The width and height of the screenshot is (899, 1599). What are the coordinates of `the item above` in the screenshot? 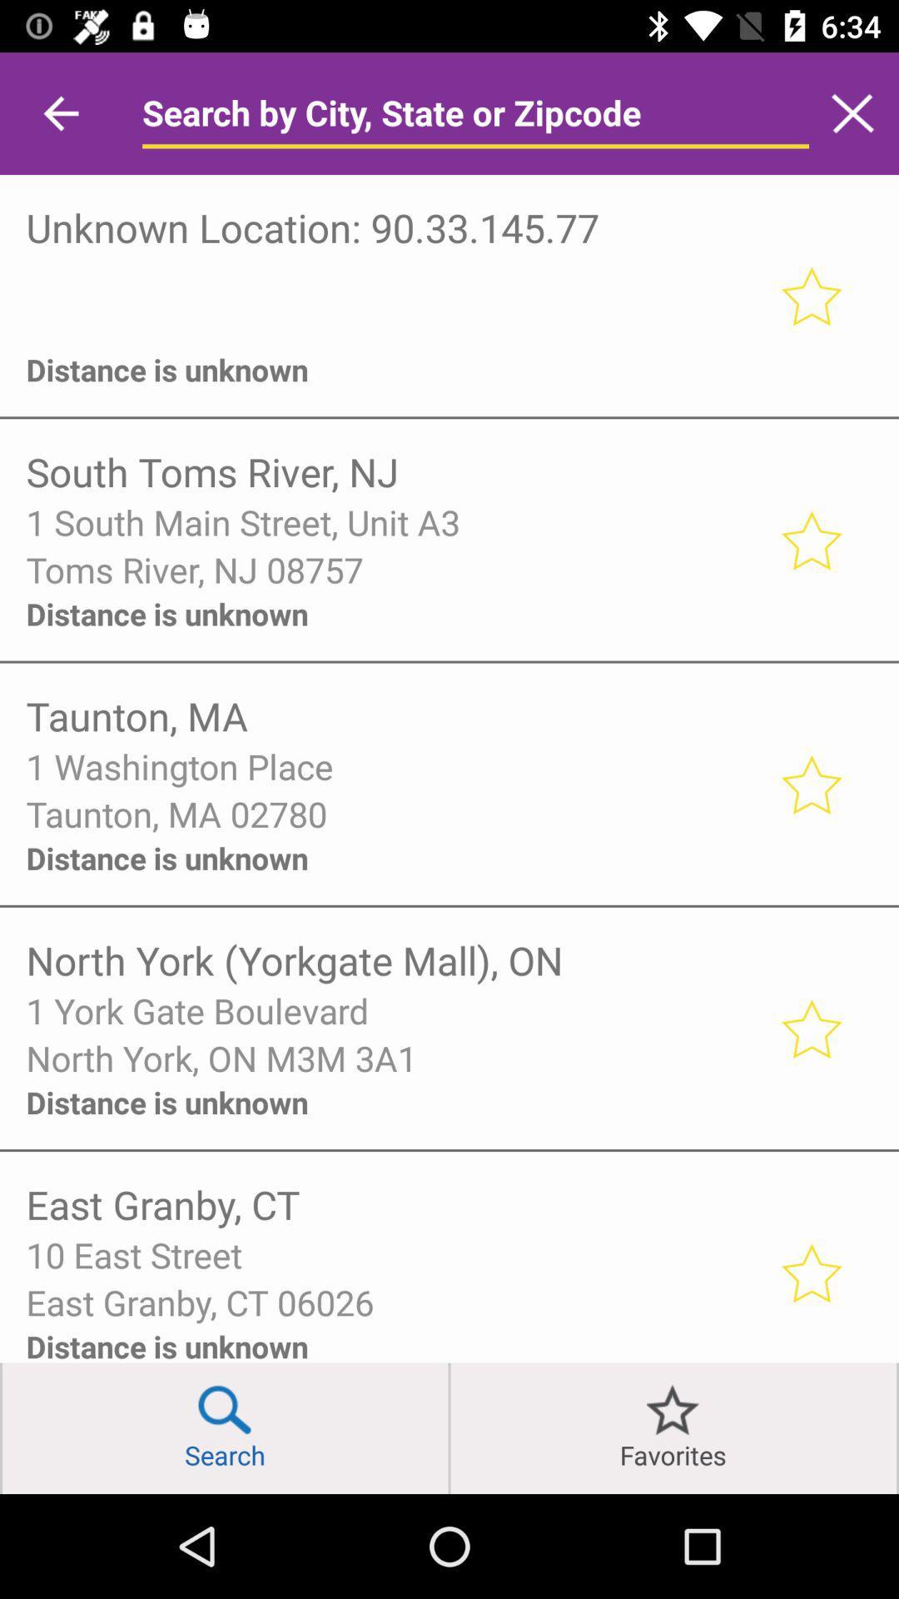 It's located at (391, 277).